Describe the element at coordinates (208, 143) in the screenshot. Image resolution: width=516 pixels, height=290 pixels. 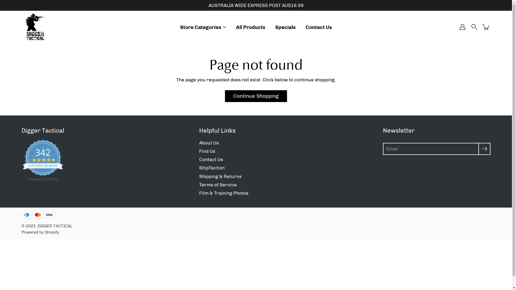
I see `'About Us'` at that location.